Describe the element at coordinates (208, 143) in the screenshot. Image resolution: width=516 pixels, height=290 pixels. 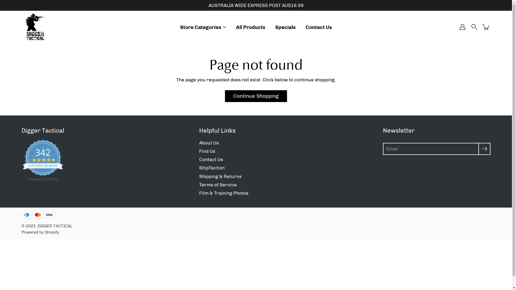
I see `'About Us'` at that location.